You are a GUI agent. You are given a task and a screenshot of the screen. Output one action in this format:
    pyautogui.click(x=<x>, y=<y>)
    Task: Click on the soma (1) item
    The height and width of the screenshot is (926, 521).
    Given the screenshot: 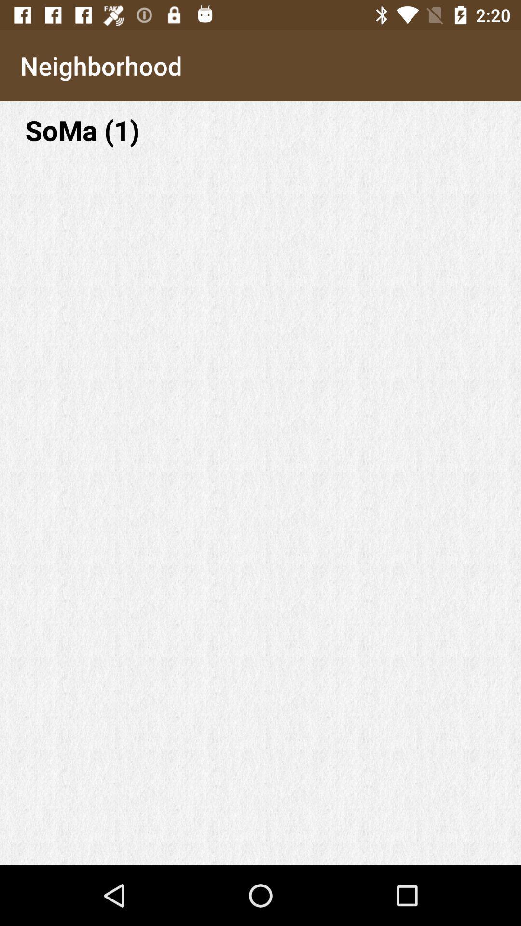 What is the action you would take?
    pyautogui.click(x=260, y=129)
    